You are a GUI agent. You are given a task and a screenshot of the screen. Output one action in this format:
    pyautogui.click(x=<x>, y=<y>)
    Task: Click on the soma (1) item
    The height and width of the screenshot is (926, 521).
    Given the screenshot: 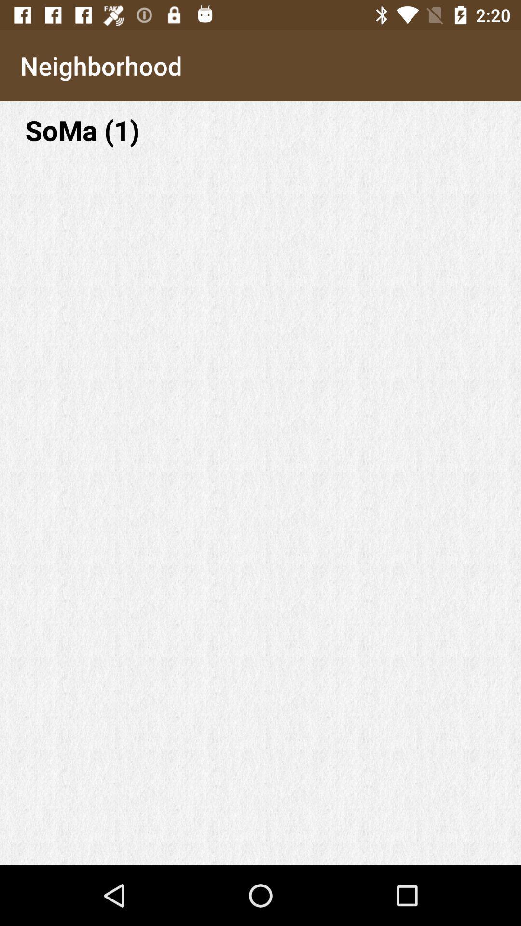 What is the action you would take?
    pyautogui.click(x=260, y=129)
    